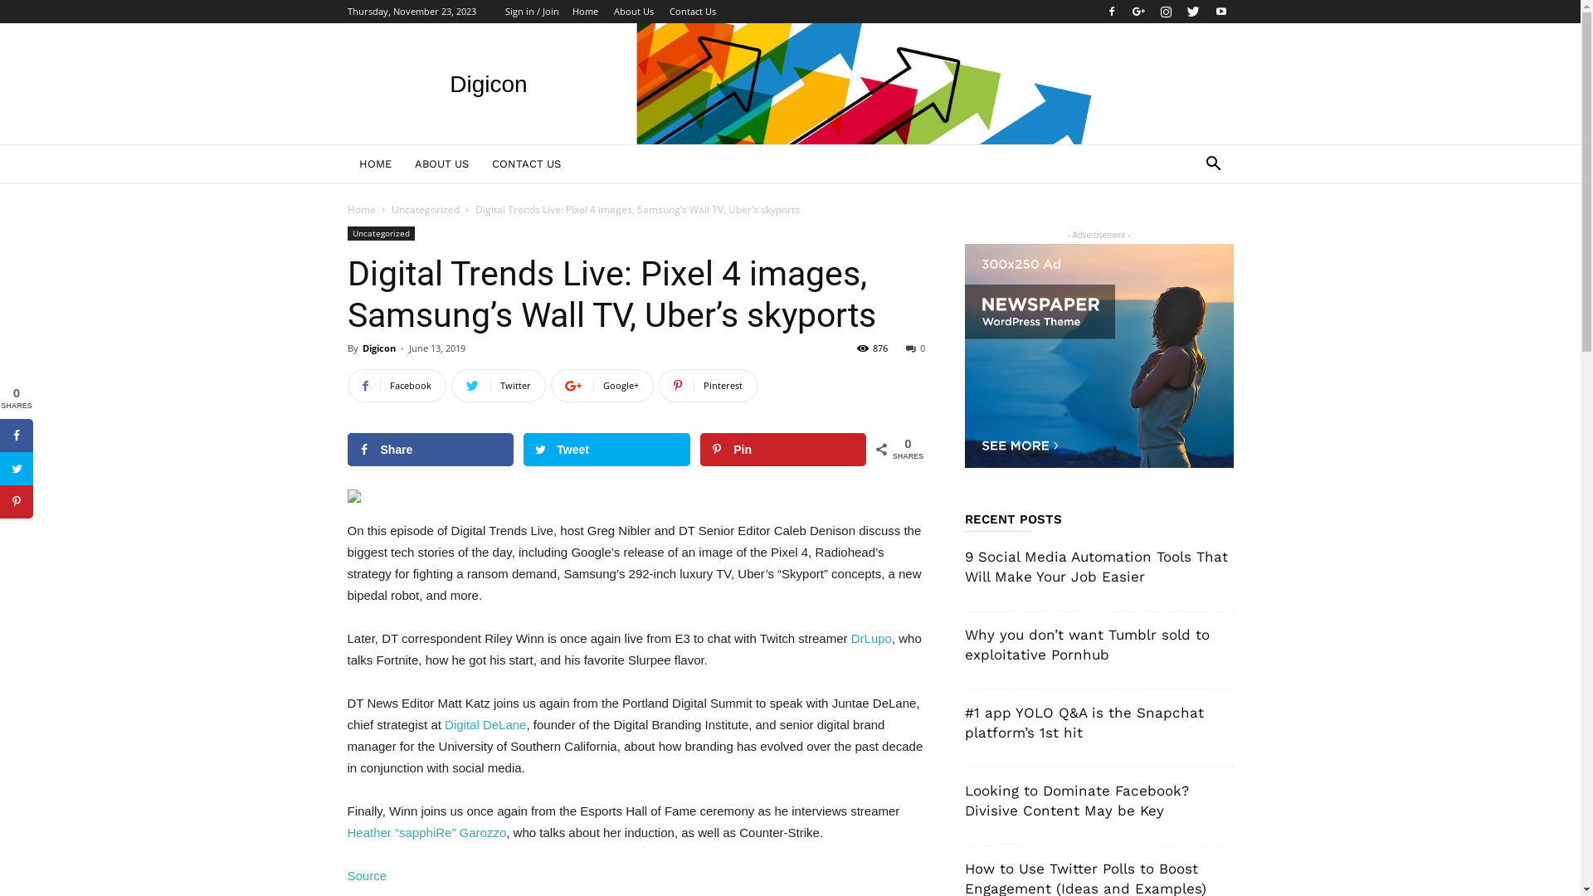 This screenshot has width=1593, height=896. Describe the element at coordinates (531, 11) in the screenshot. I see `'Sign in / Join'` at that location.